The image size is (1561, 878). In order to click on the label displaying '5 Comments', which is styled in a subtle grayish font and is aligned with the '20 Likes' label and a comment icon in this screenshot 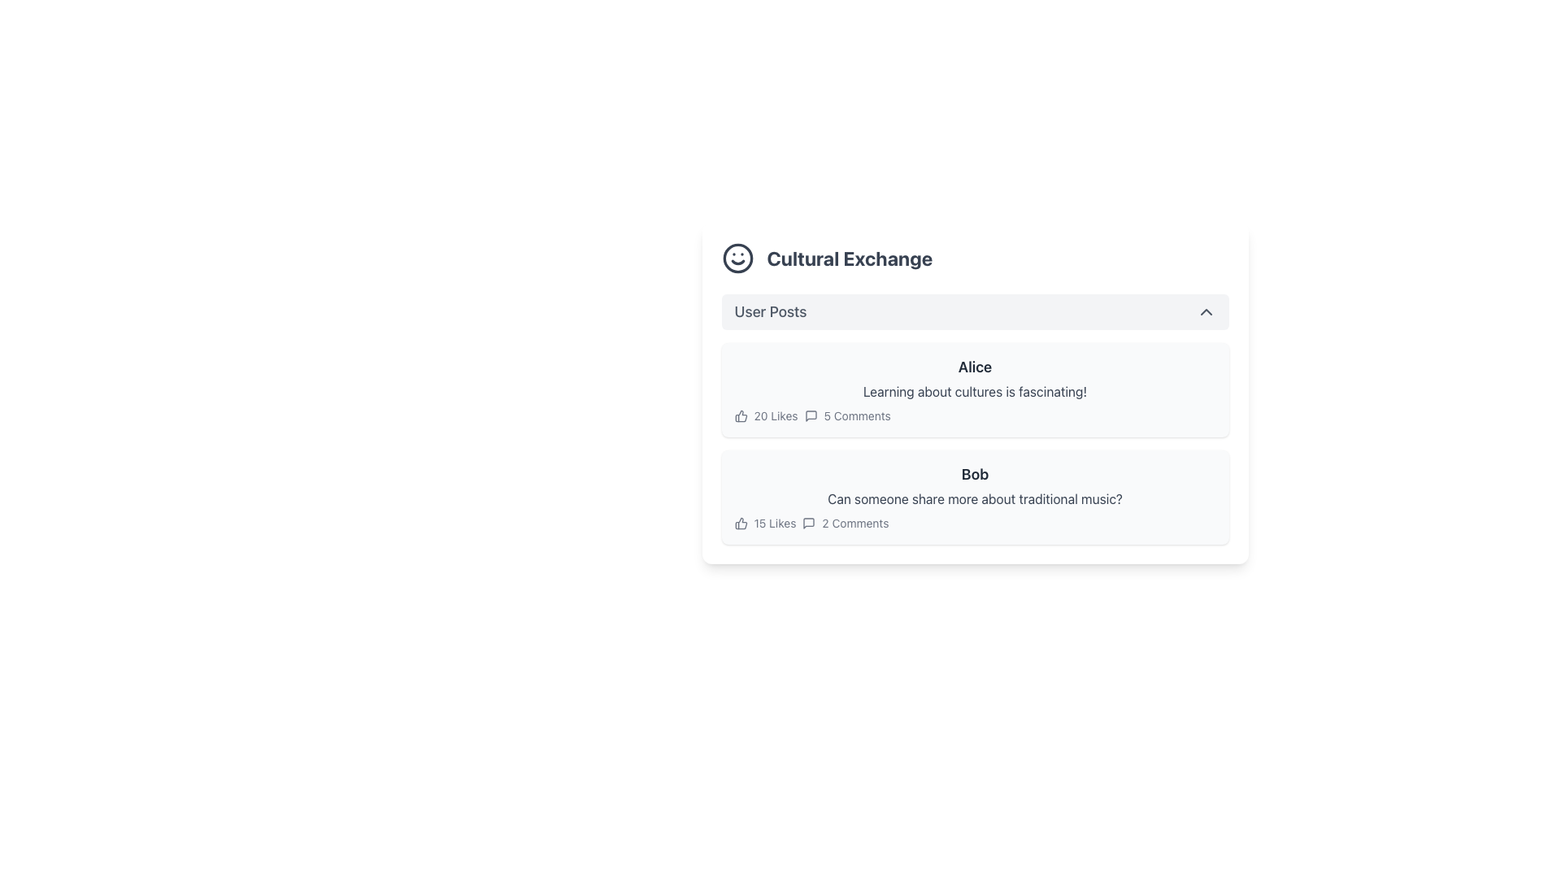, I will do `click(856, 415)`.